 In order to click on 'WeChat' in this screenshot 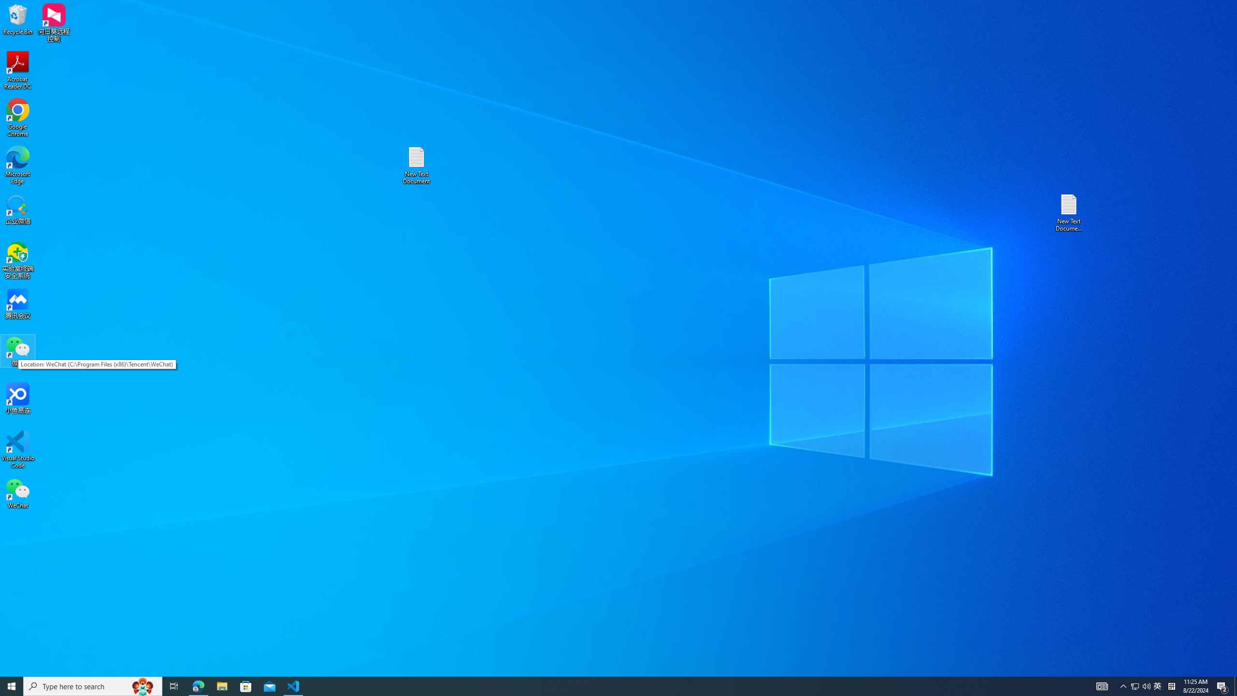, I will do `click(17, 493)`.